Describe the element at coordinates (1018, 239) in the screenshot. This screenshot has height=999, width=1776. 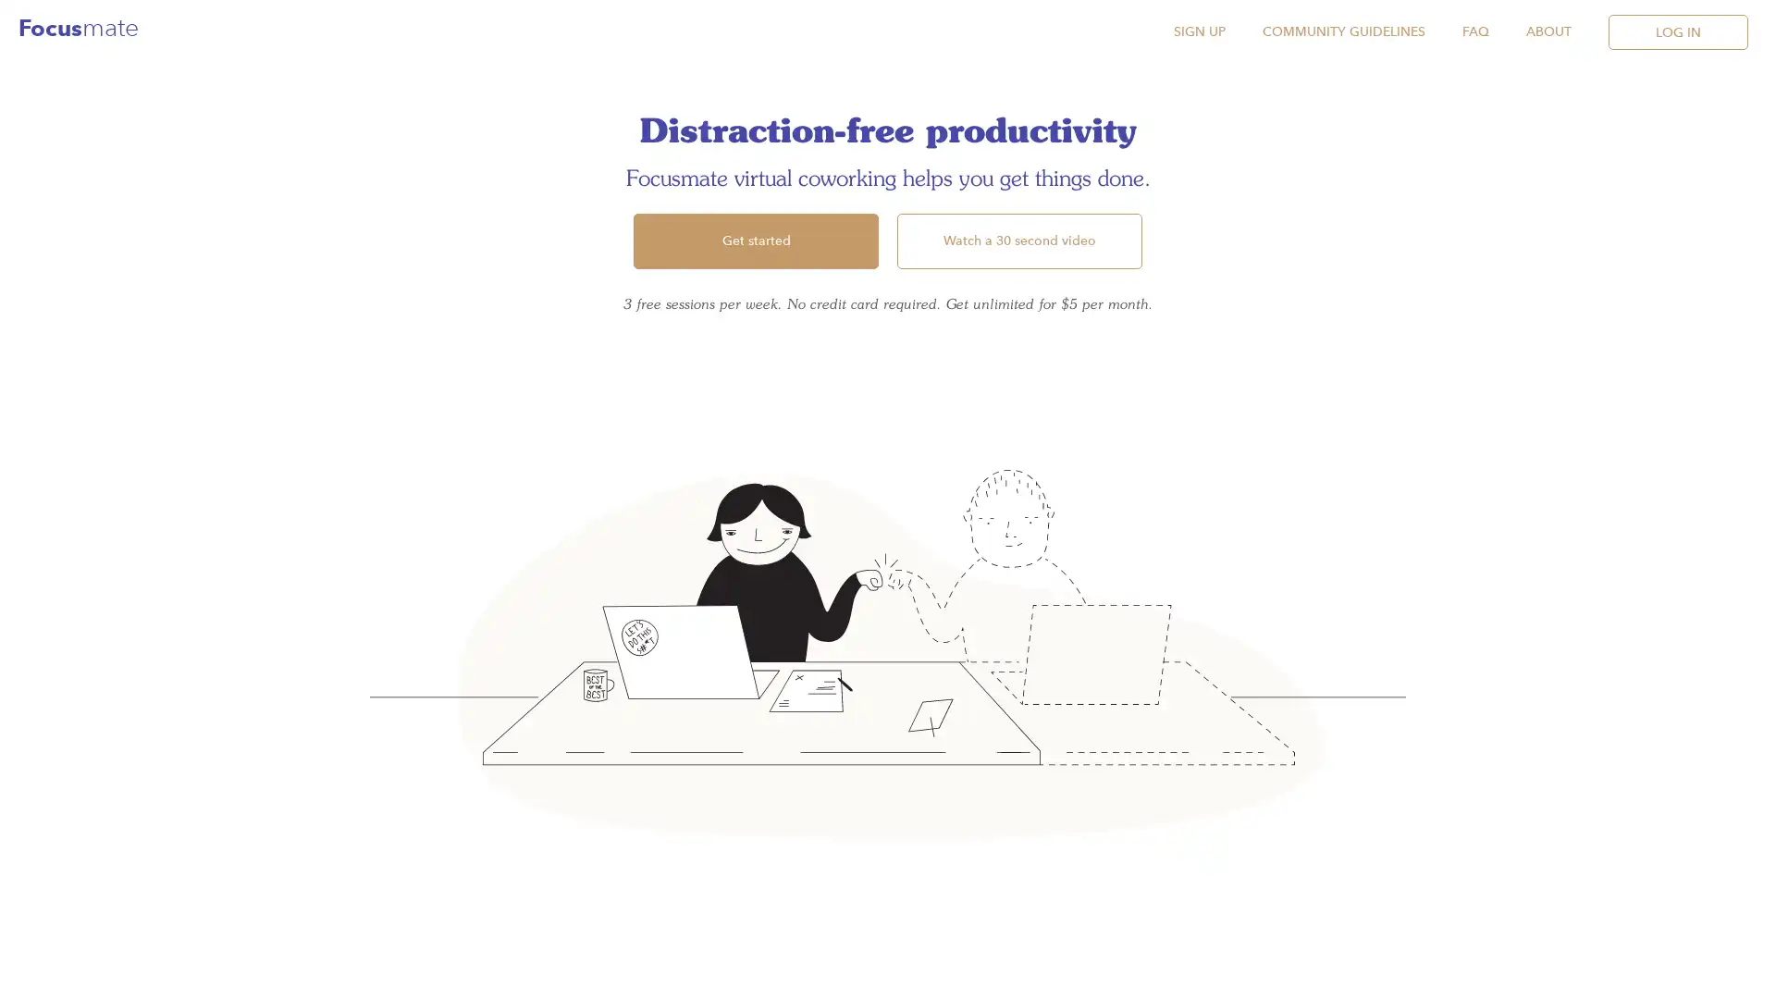
I see `Watch a 30 second video` at that location.